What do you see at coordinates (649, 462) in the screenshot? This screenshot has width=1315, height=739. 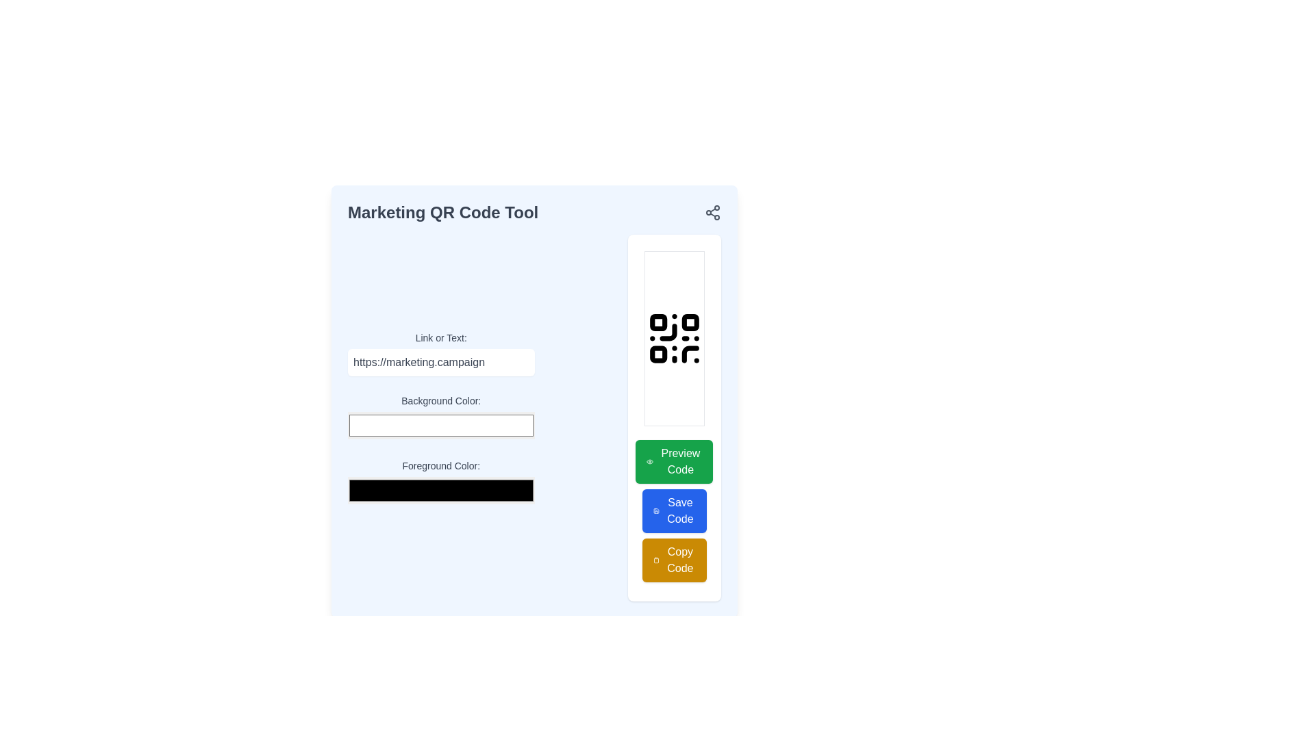 I see `the icon located inside the 'Preview Code' green button on the right side of the page, which serves as a visual cue for previewing content` at bounding box center [649, 462].